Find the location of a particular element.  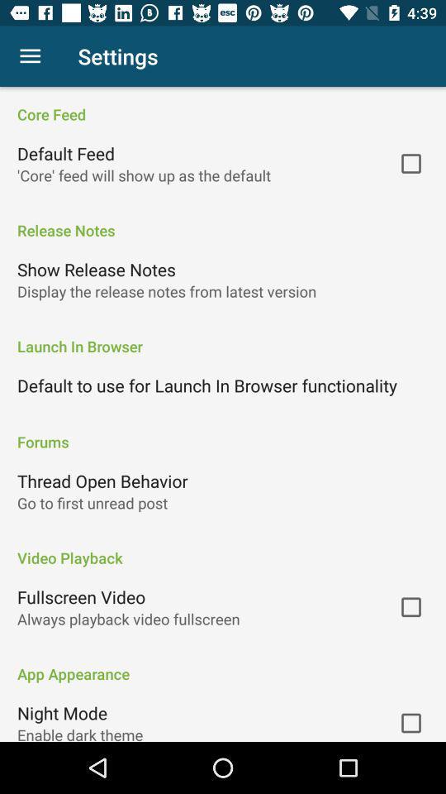

the icon above the enable dark theme is located at coordinates (61, 712).